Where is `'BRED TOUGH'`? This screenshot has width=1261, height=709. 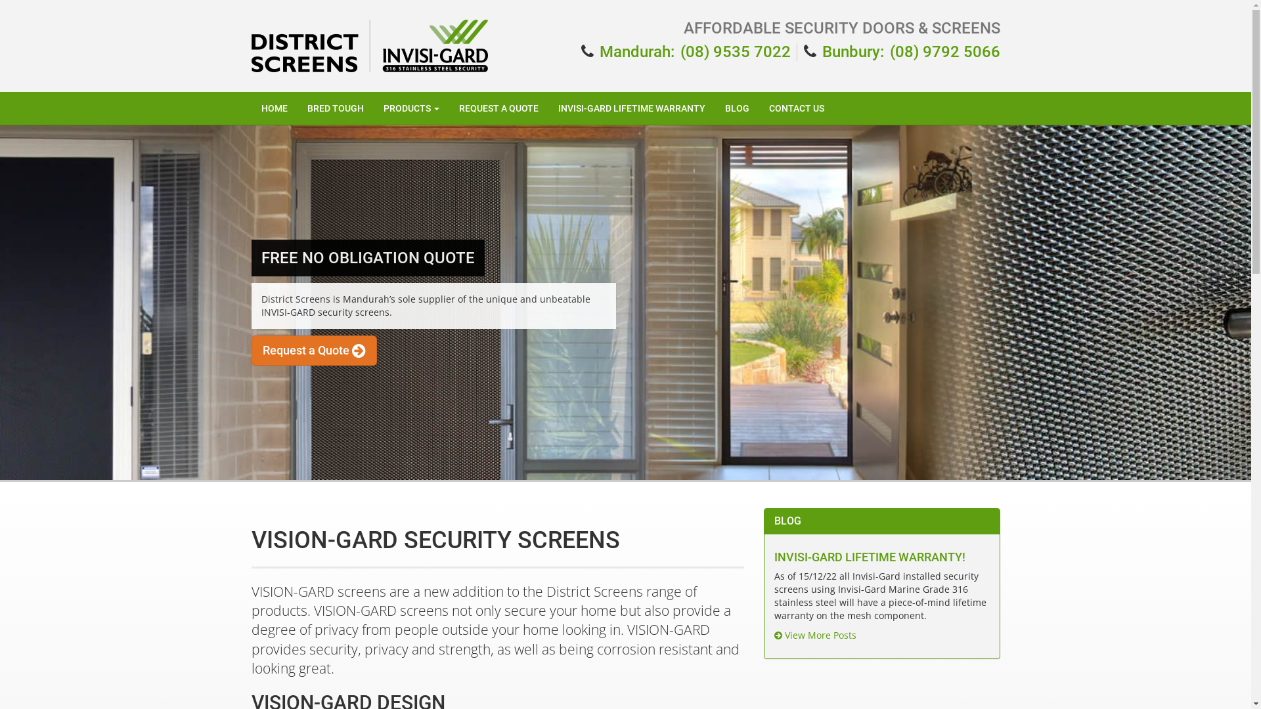
'BRED TOUGH' is located at coordinates (334, 108).